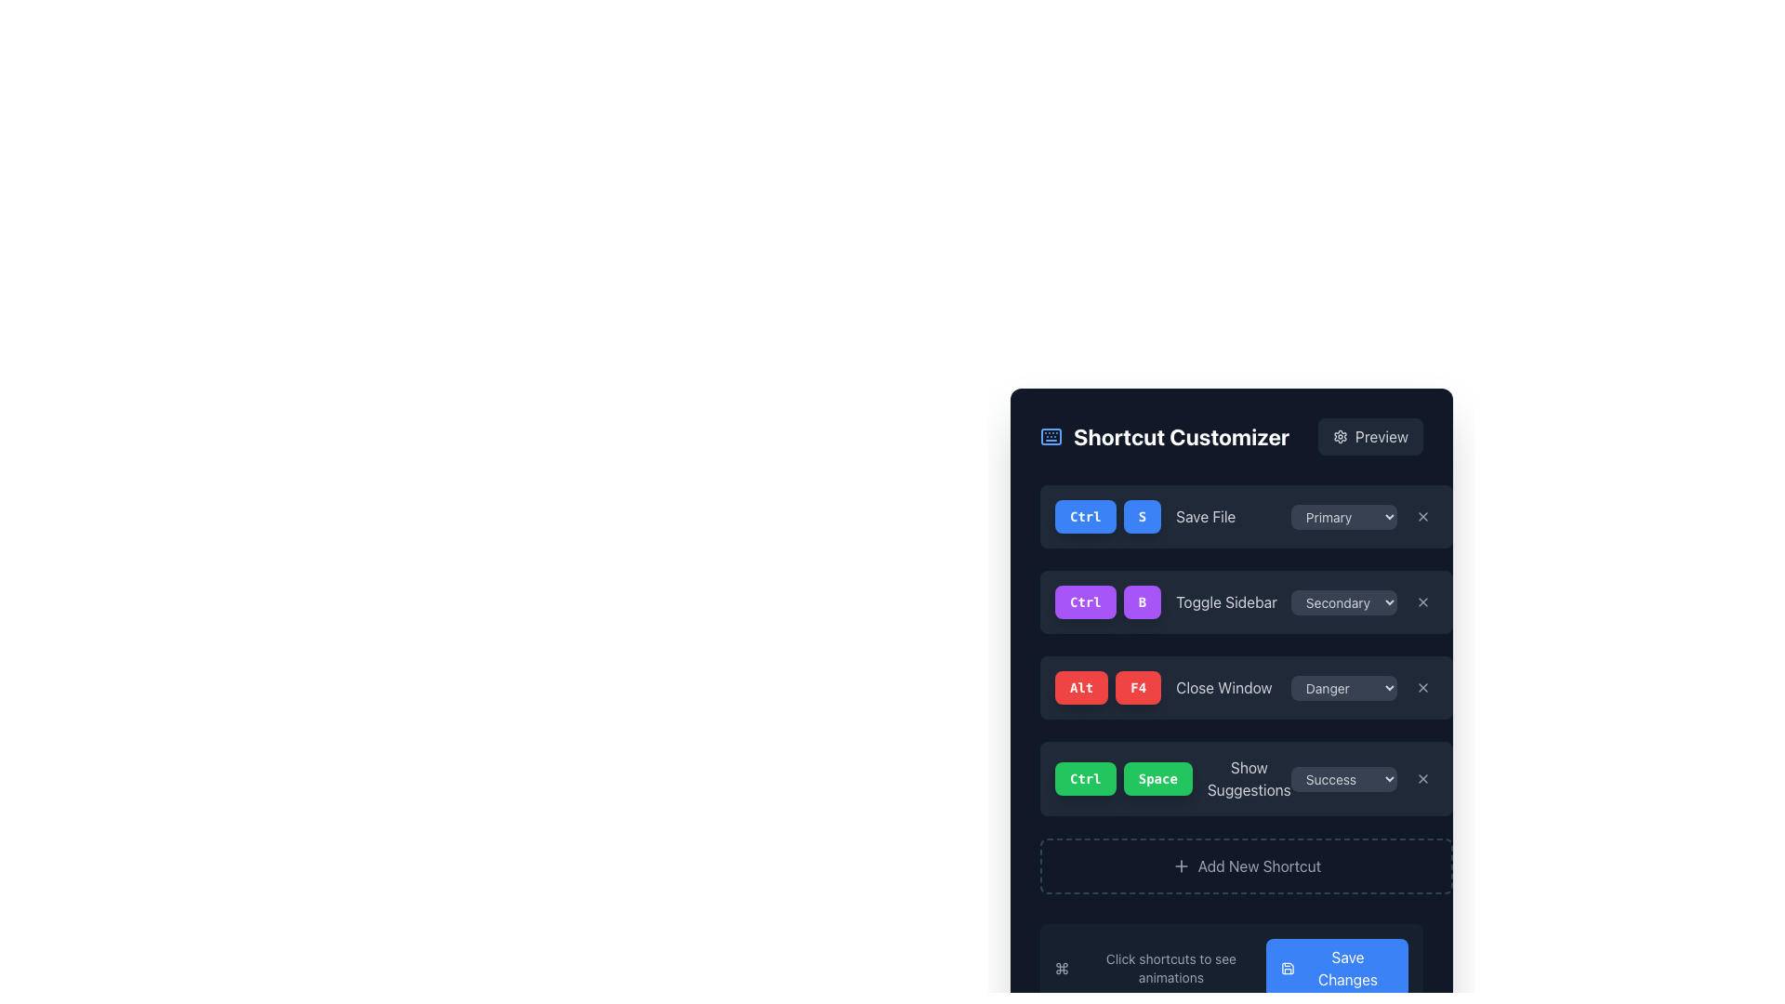 The image size is (1785, 1004). Describe the element at coordinates (1421, 602) in the screenshot. I see `the close button located in the third row of the shortcut customizer interface, aligned to the right of the 'Toggle Sidebar' label and button group` at that location.